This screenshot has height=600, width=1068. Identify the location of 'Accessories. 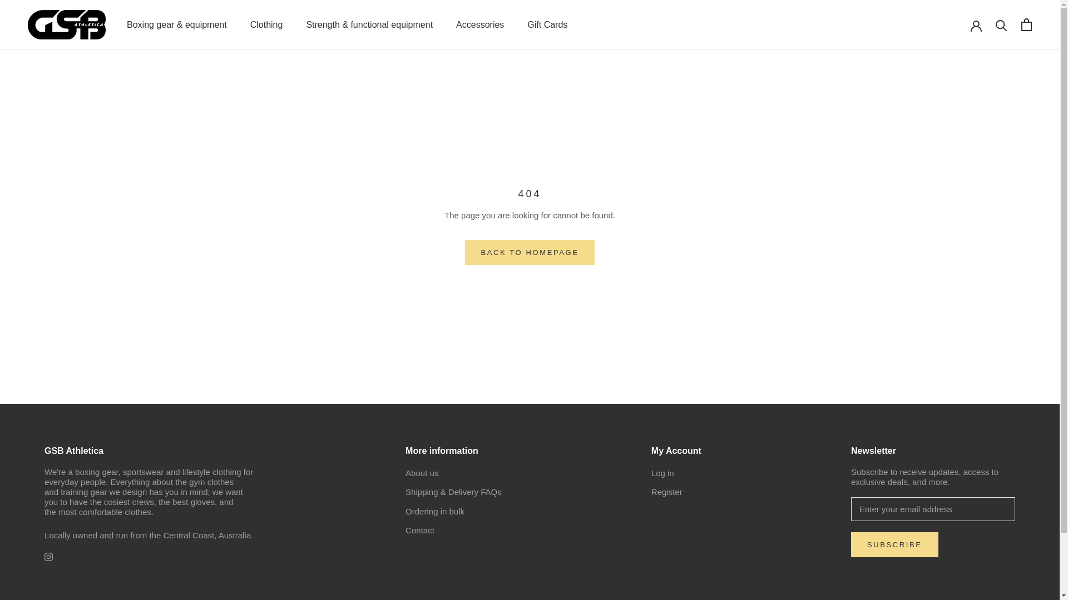
(480, 24).